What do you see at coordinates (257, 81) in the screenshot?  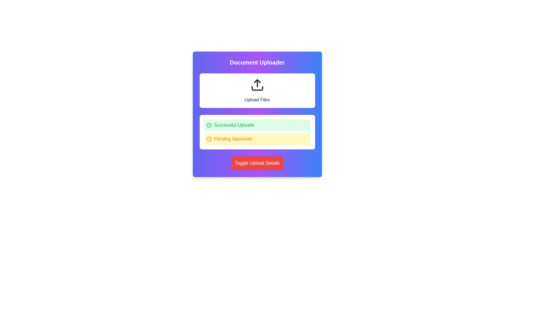 I see `the upward-pointing arrow graphical SVG component, which is part of the upload icon located under the title 'Document Uploader', by moving the cursor to its center point` at bounding box center [257, 81].